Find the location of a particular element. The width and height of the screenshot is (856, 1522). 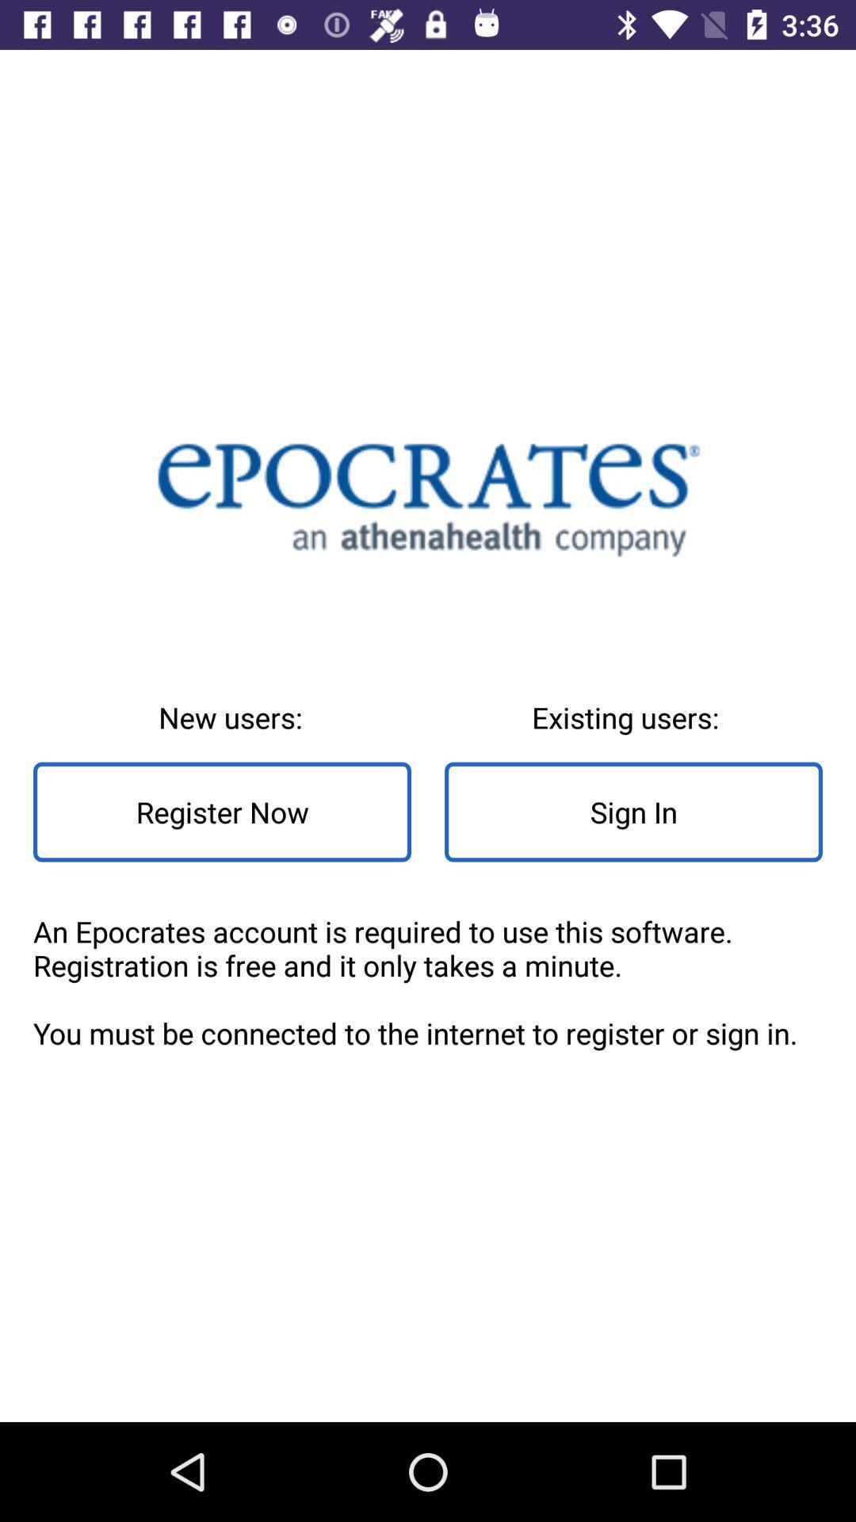

the icon next to the new users: icon is located at coordinates (632, 812).